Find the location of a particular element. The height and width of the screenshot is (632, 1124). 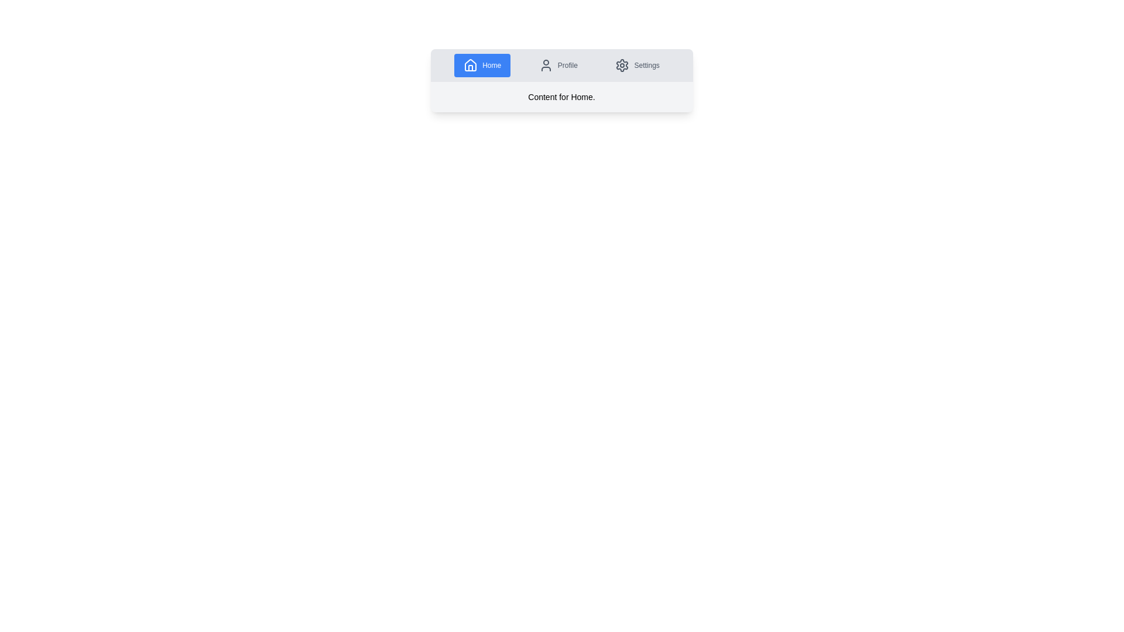

the Profile tab by clicking on its navigation button is located at coordinates (557, 65).